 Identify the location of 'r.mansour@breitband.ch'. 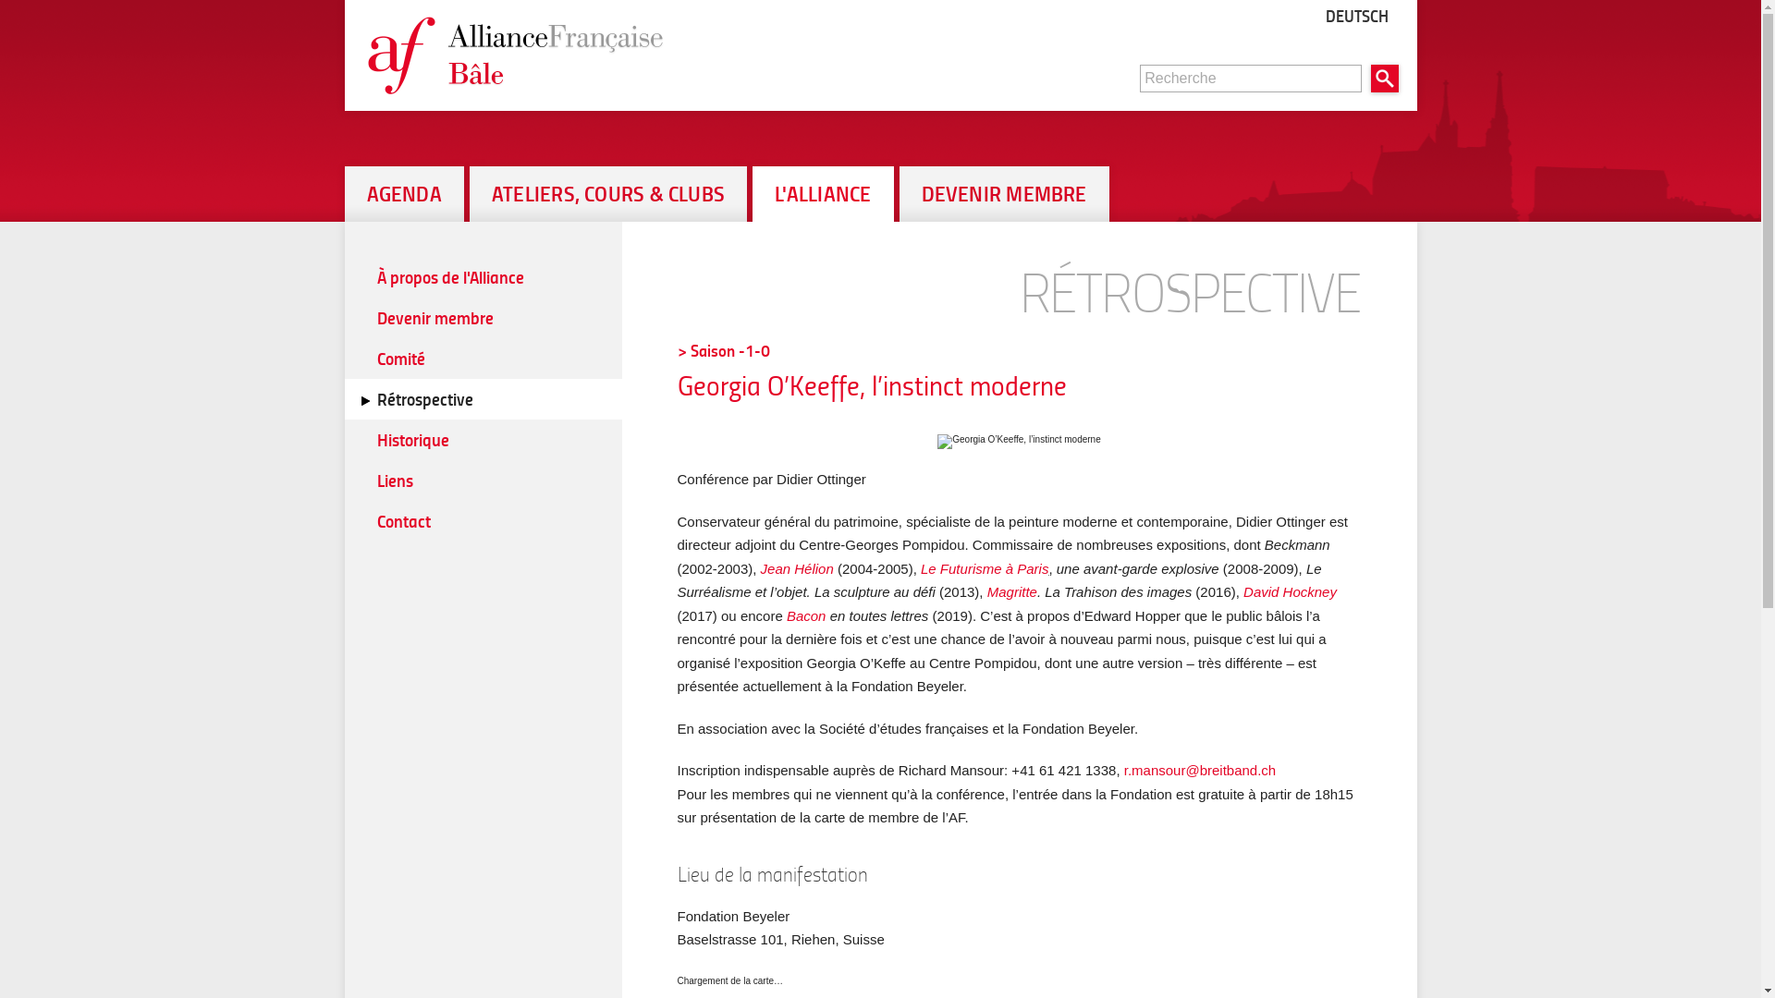
(1199, 770).